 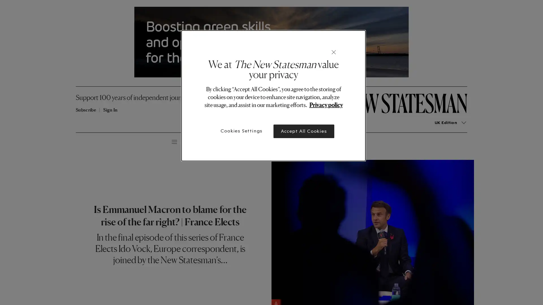 What do you see at coordinates (242, 131) in the screenshot?
I see `Cookies Settings` at bounding box center [242, 131].